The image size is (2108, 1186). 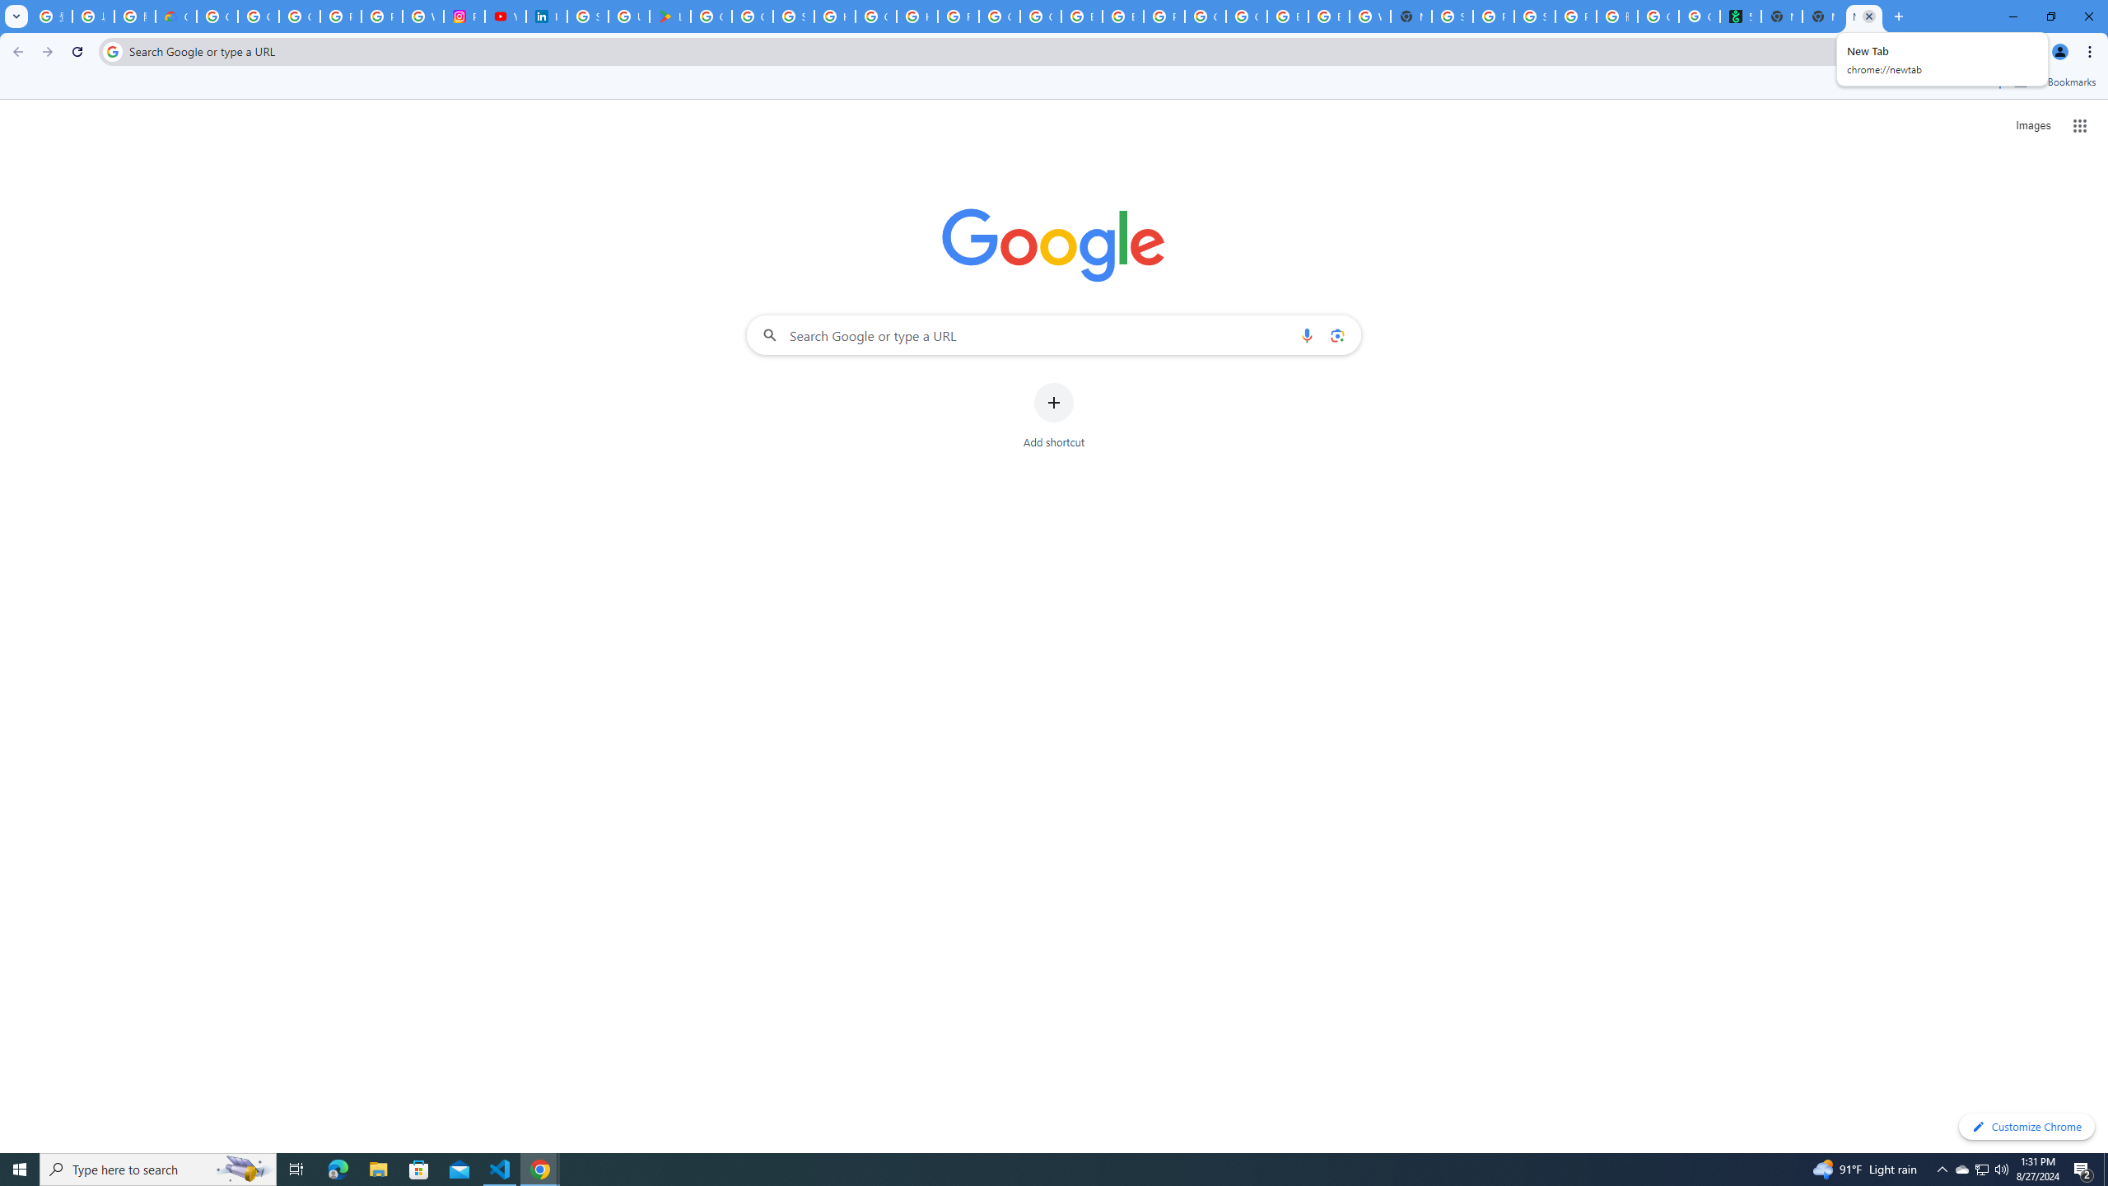 I want to click on 'Google Workspace - Specific Terms', so click(x=752, y=16).